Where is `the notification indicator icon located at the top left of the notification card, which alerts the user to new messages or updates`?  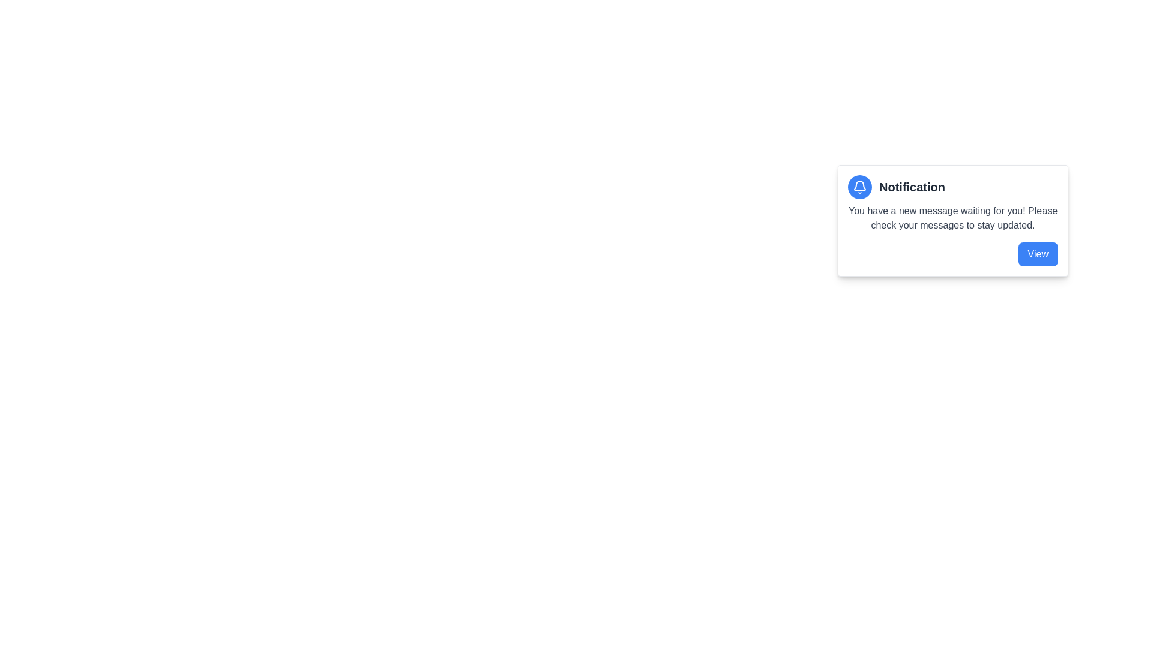
the notification indicator icon located at the top left of the notification card, which alerts the user to new messages or updates is located at coordinates (859, 187).